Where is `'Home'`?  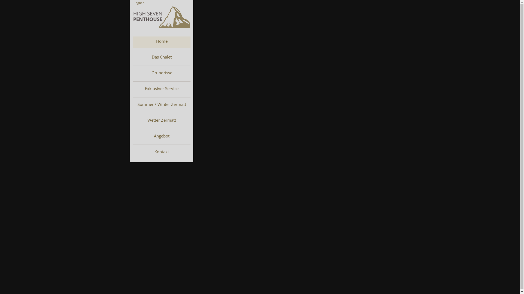
'Home' is located at coordinates (162, 42).